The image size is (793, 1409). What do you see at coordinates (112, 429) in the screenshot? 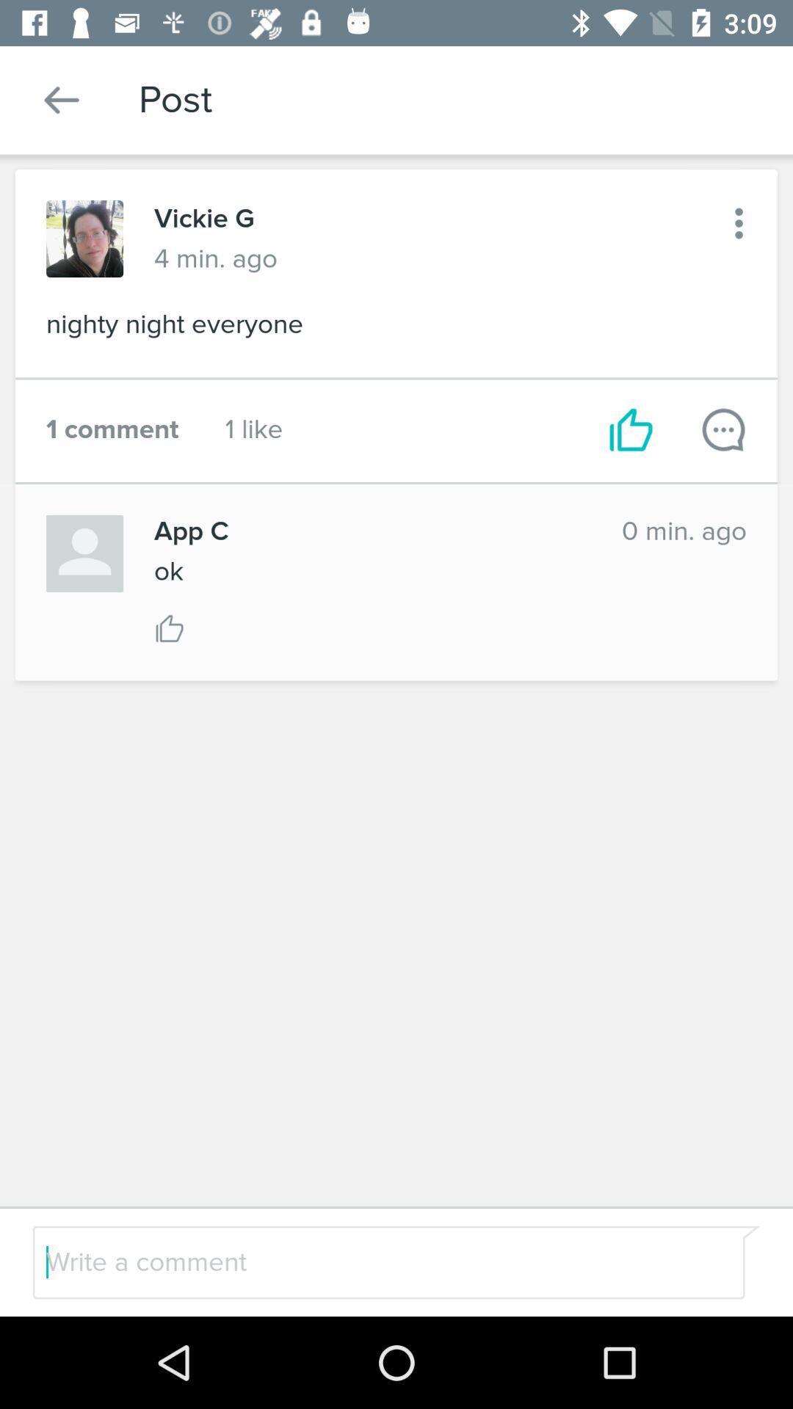
I see `the 1 comment item` at bounding box center [112, 429].